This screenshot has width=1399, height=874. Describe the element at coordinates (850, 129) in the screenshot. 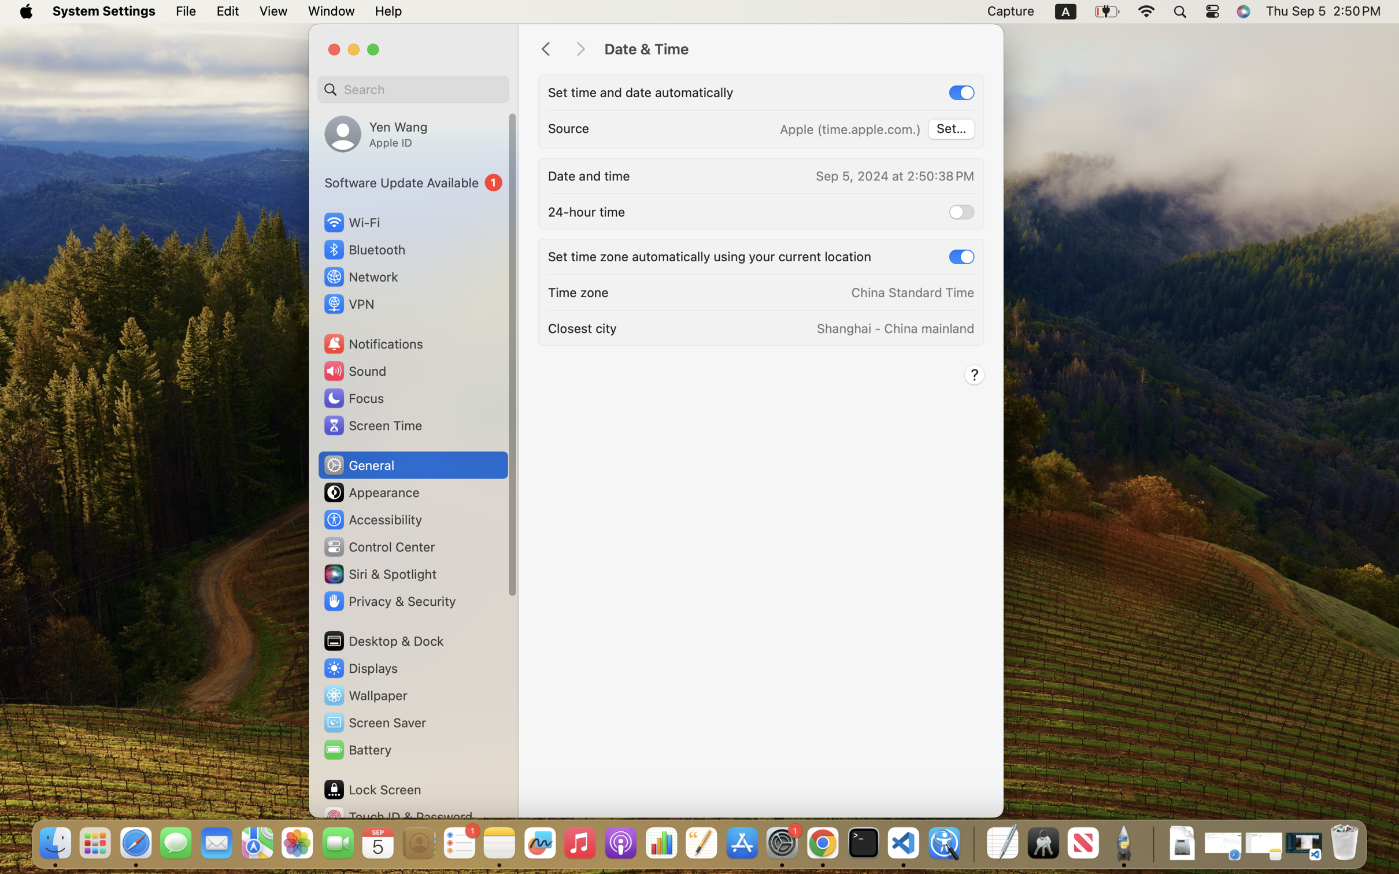

I see `'Apple (time.apple.com.)'` at that location.